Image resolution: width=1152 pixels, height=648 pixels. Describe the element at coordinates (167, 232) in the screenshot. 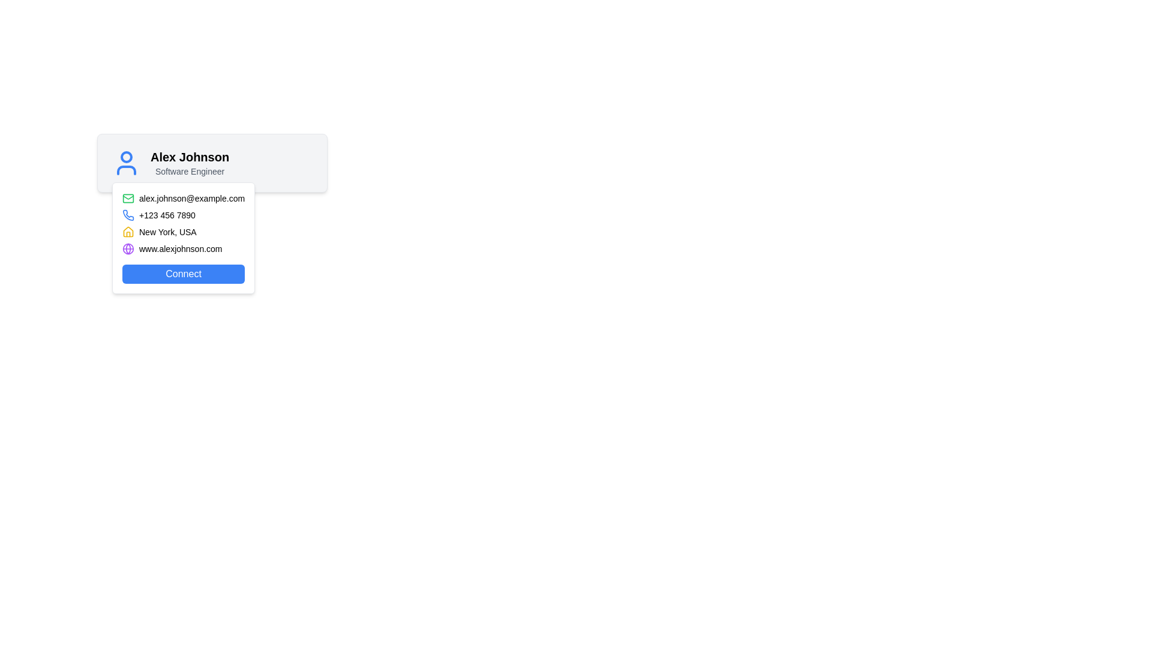

I see `the location information label associated with the user profile card, which is positioned as the third row under a house icon in a detail card` at that location.